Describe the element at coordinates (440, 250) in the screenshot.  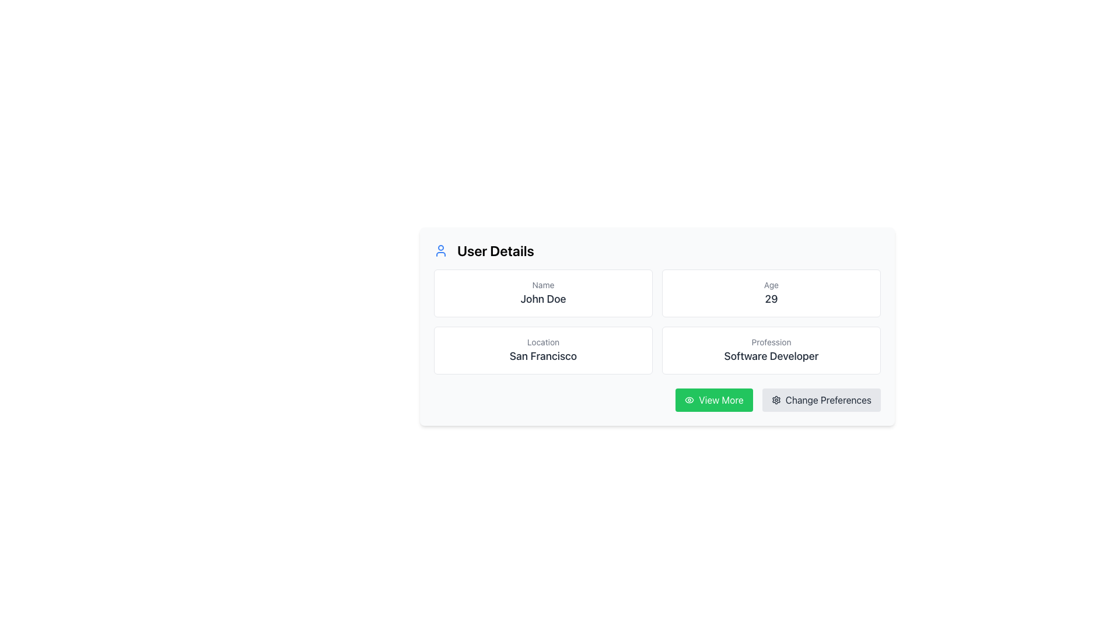
I see `the user icon, which is a blue outline of a person located to the left of the 'User Details' text` at that location.